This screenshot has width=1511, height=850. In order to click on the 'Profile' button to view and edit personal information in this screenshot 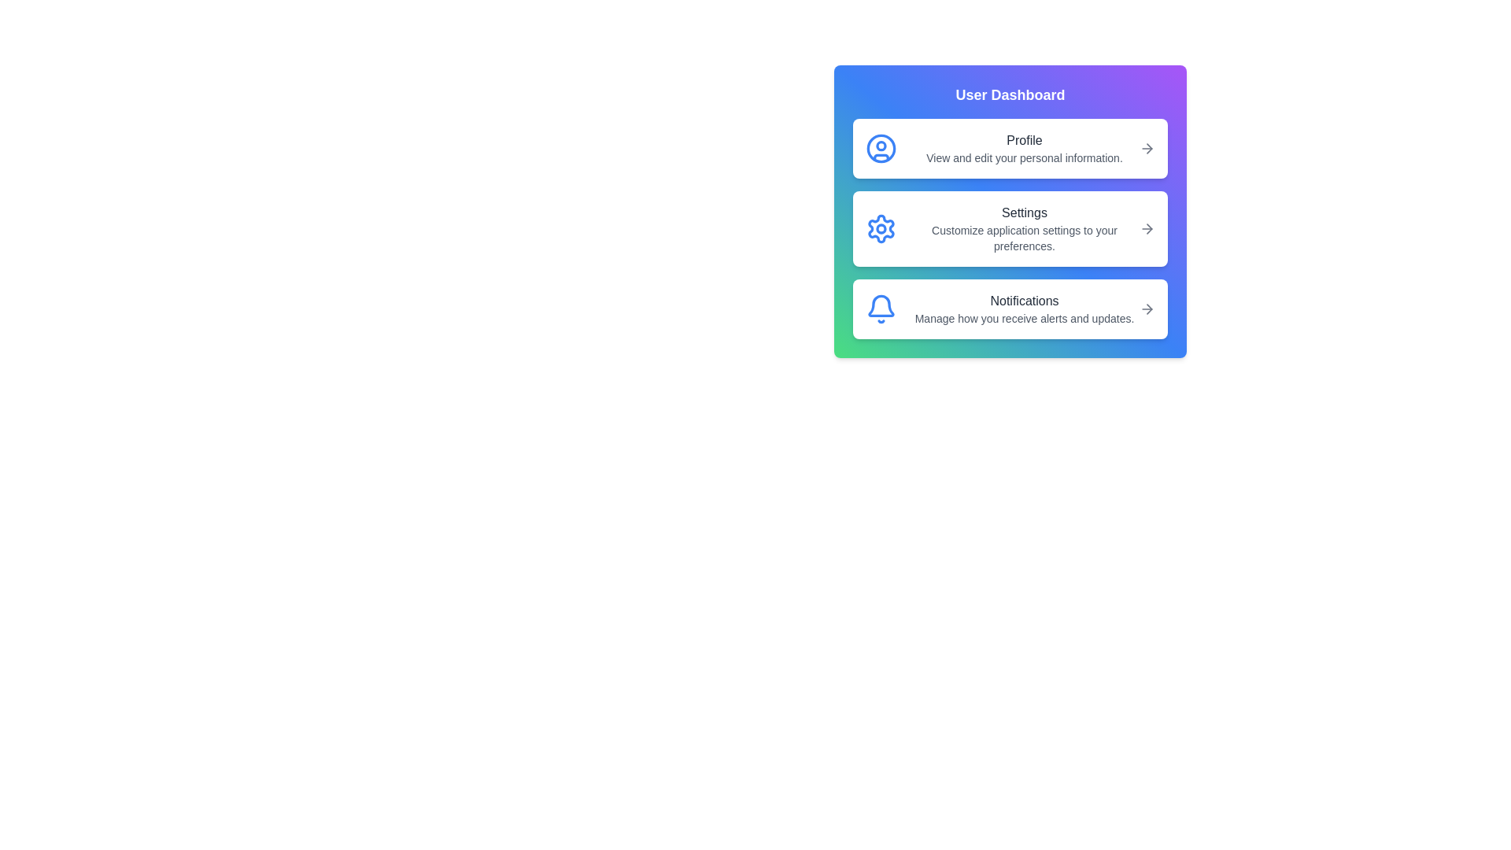, I will do `click(1010, 149)`.